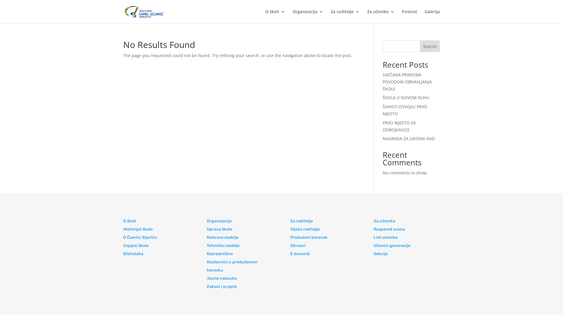 This screenshot has width=563, height=316. What do you see at coordinates (222, 237) in the screenshot?
I see `'Natavno osoblje'` at bounding box center [222, 237].